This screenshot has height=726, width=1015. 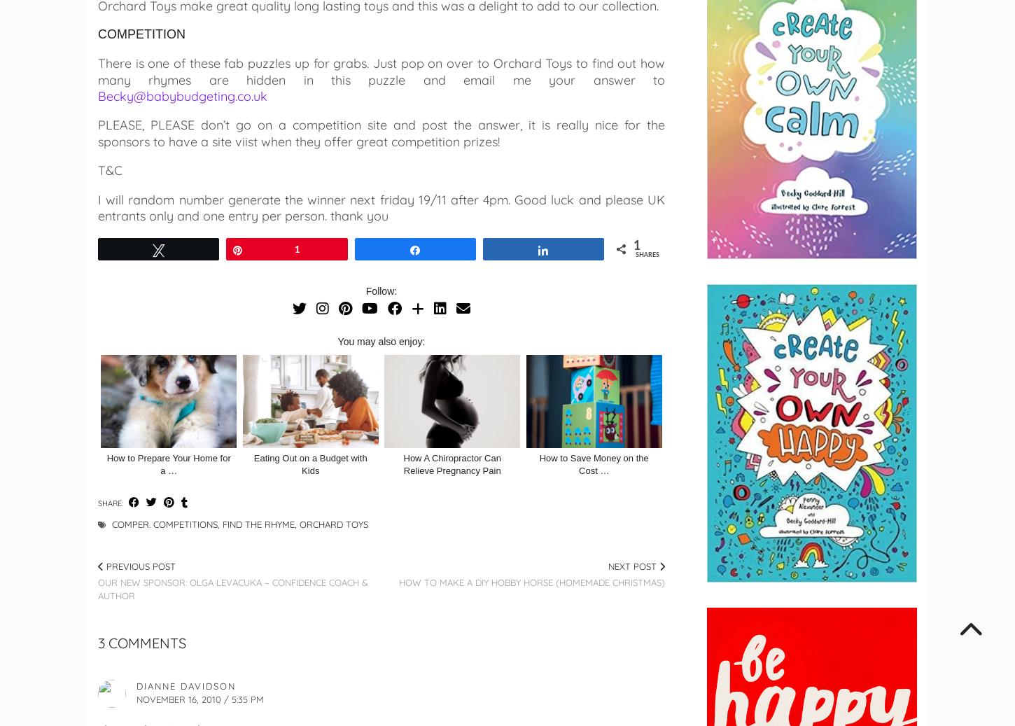 I want to click on 'You may also enjoy:', so click(x=381, y=341).